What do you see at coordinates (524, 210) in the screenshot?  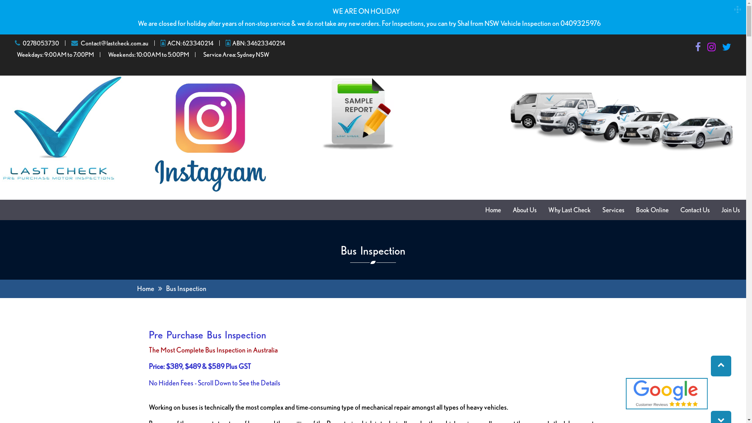 I see `'About Us'` at bounding box center [524, 210].